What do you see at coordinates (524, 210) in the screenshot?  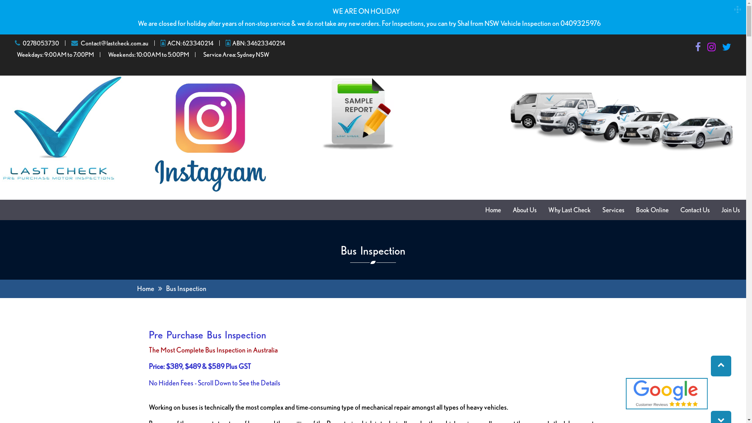 I see `'About Us'` at bounding box center [524, 210].